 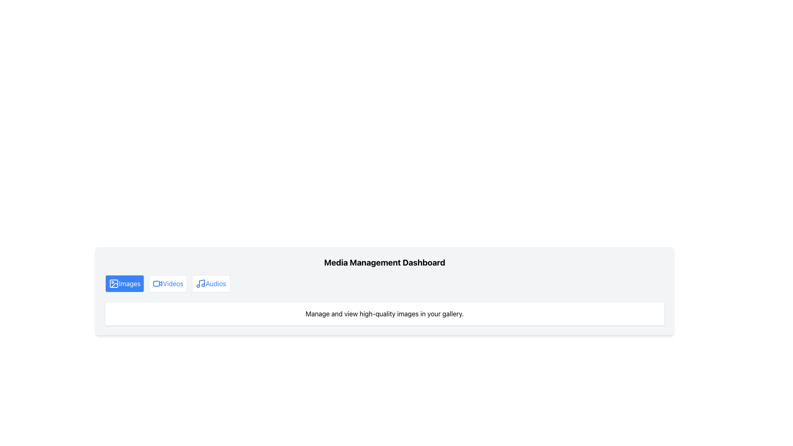 What do you see at coordinates (168, 283) in the screenshot?
I see `the 'Videos' button, which is the second in a horizontal list of three options ('Images', 'Videos', 'Audios')` at bounding box center [168, 283].